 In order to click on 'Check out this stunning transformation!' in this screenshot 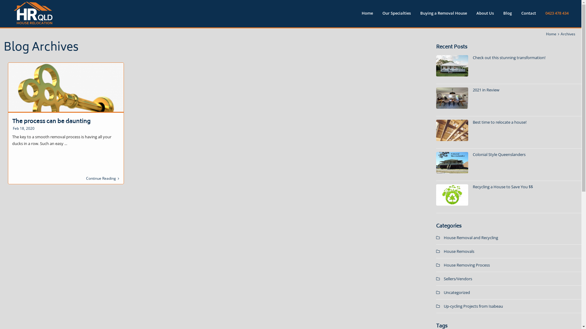, I will do `click(472, 58)`.